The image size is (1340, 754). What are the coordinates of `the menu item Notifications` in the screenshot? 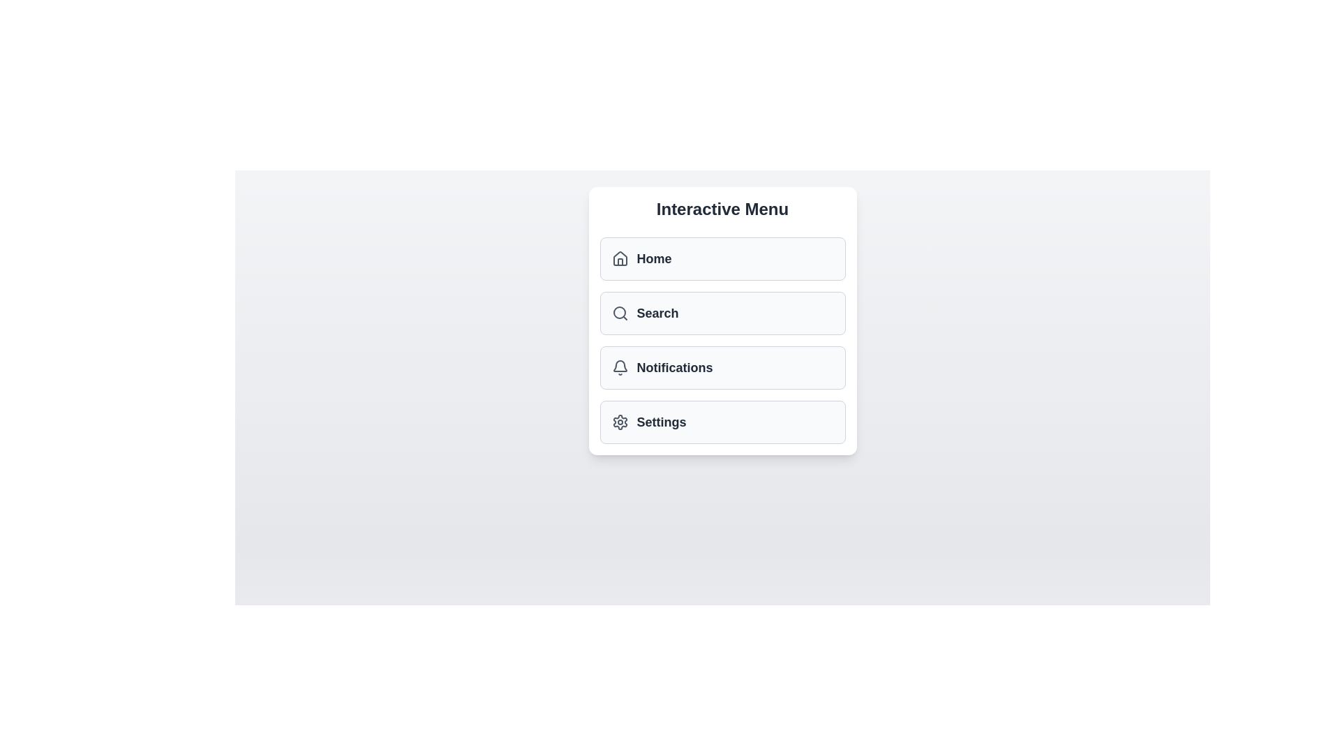 It's located at (722, 367).